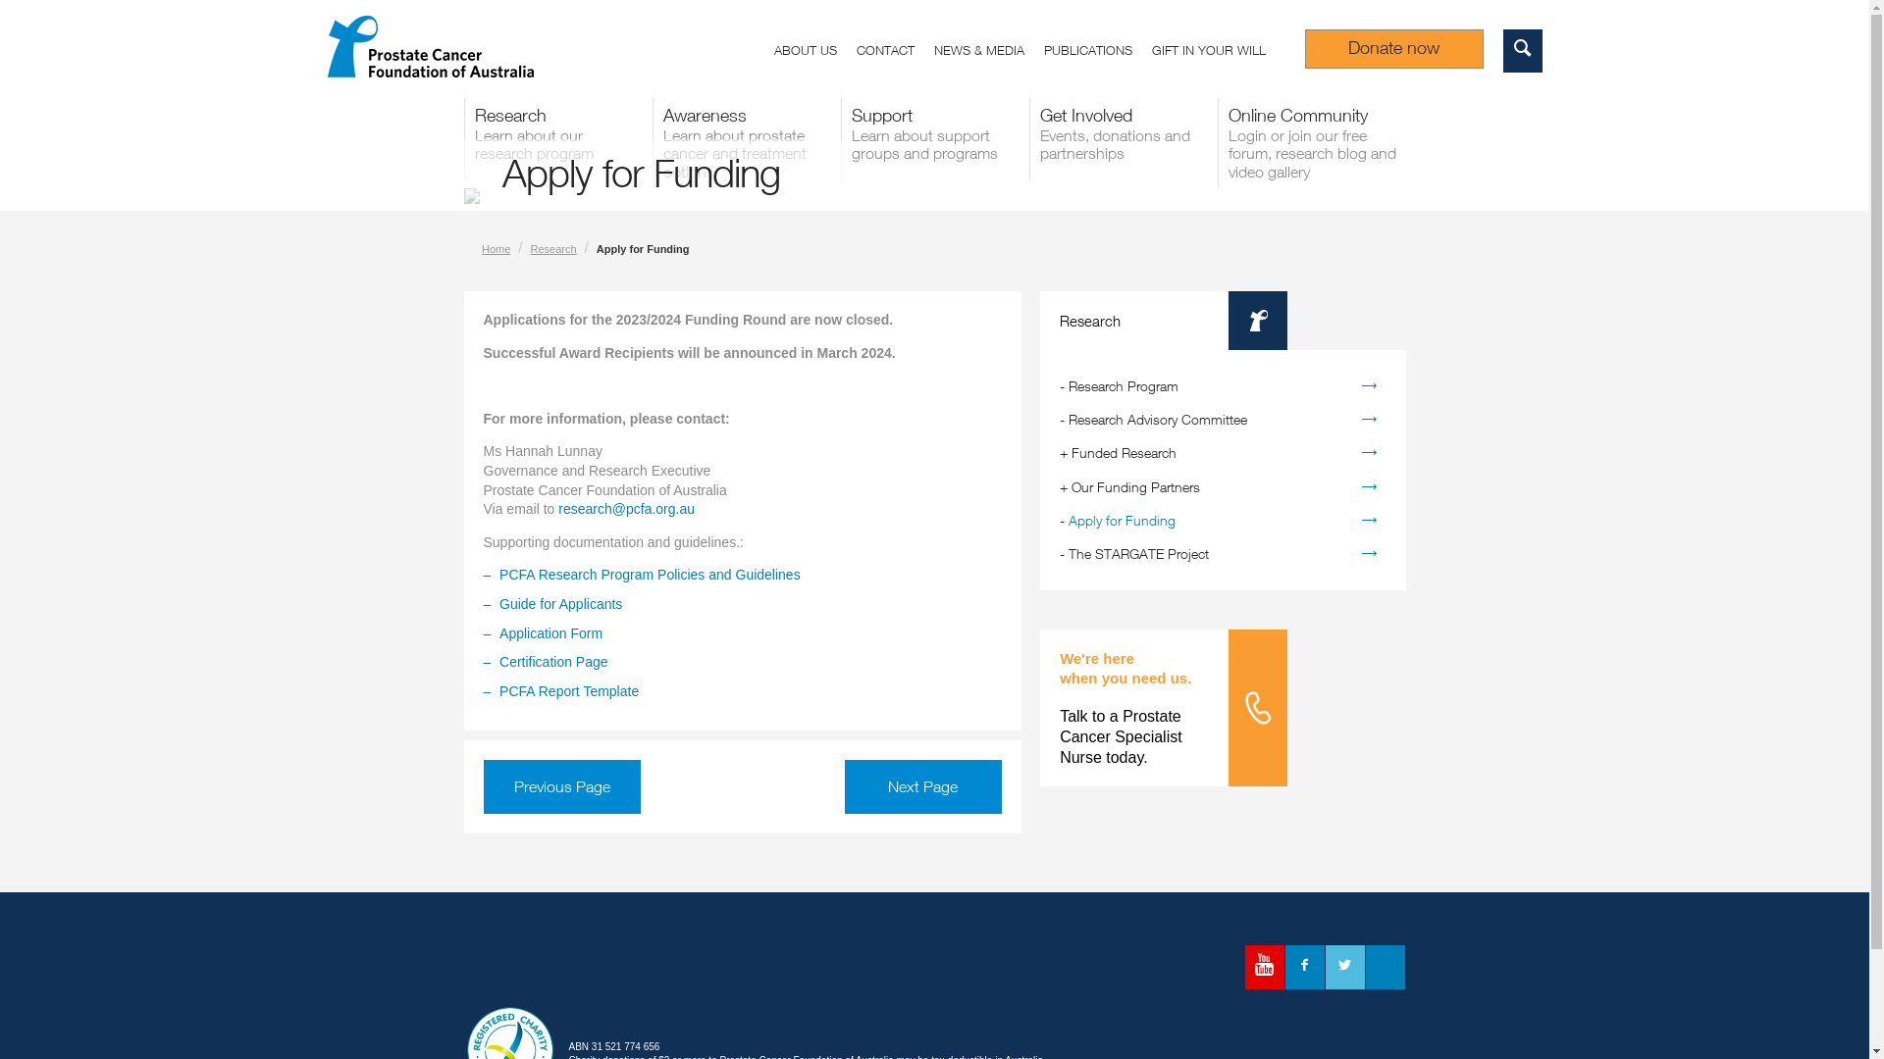  I want to click on 'Application Form', so click(549, 632).